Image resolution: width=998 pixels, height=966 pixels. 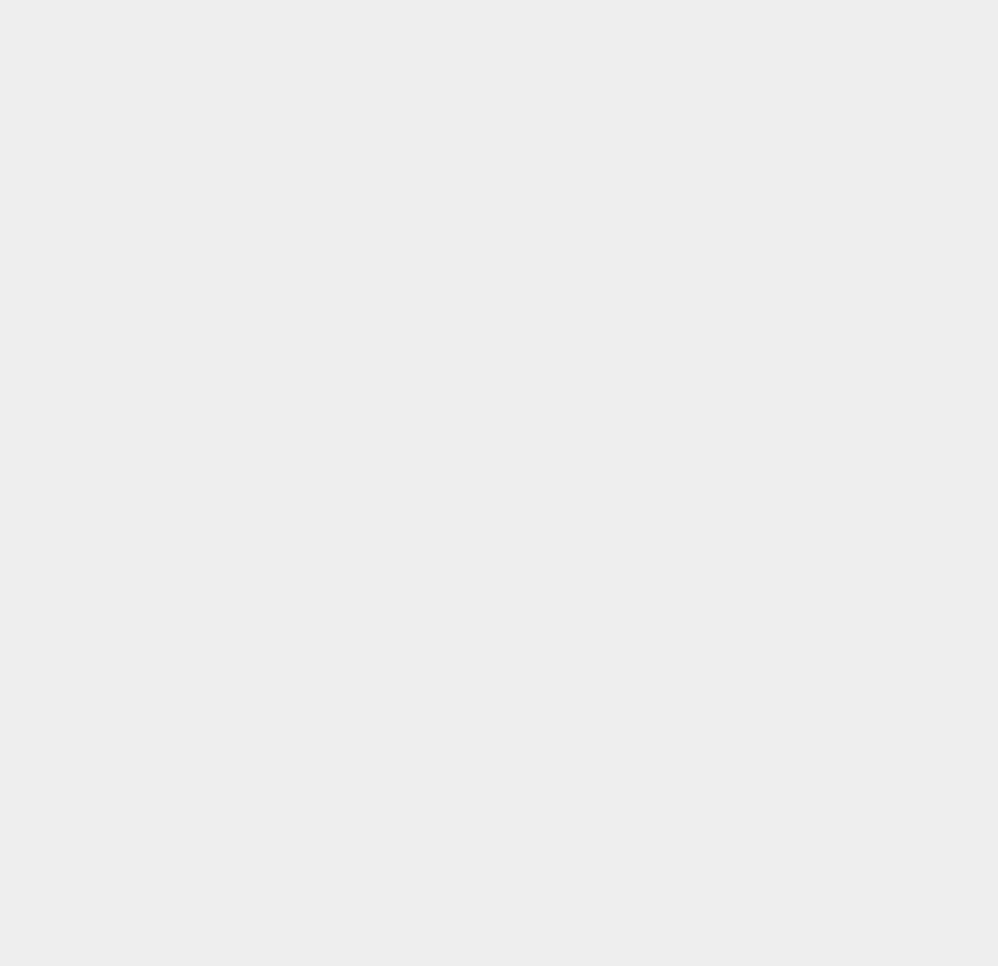 I want to click on 'Free Stuff', so click(x=733, y=693).